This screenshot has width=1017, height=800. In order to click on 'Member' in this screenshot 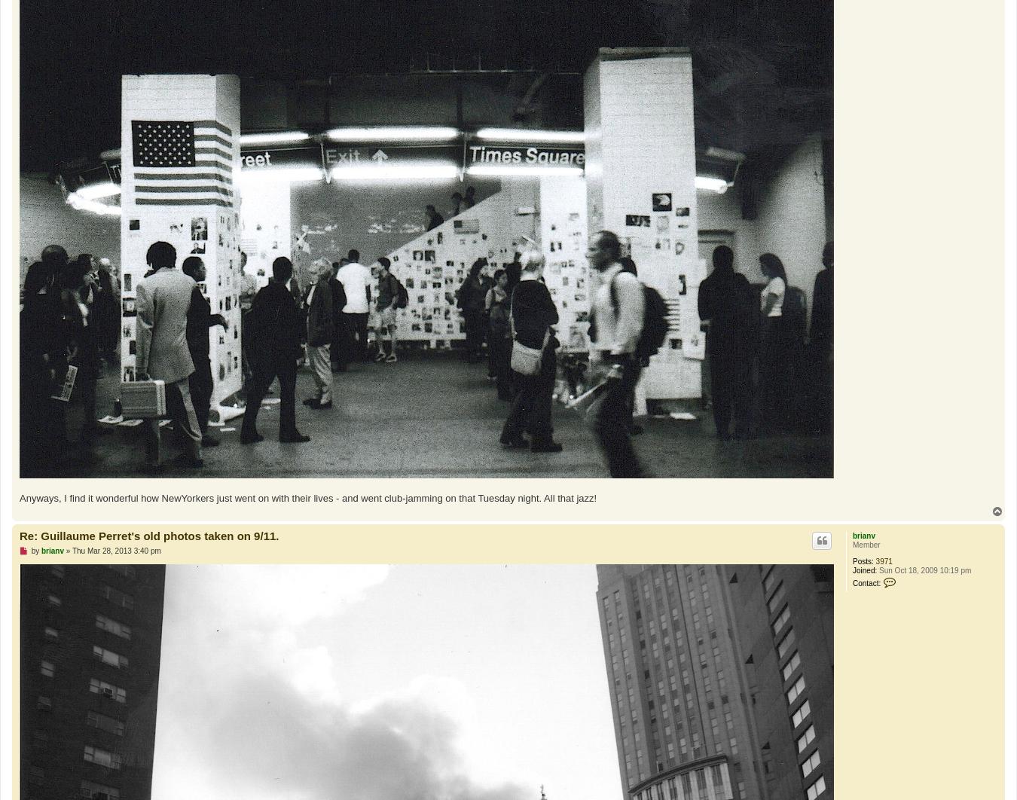, I will do `click(851, 545)`.